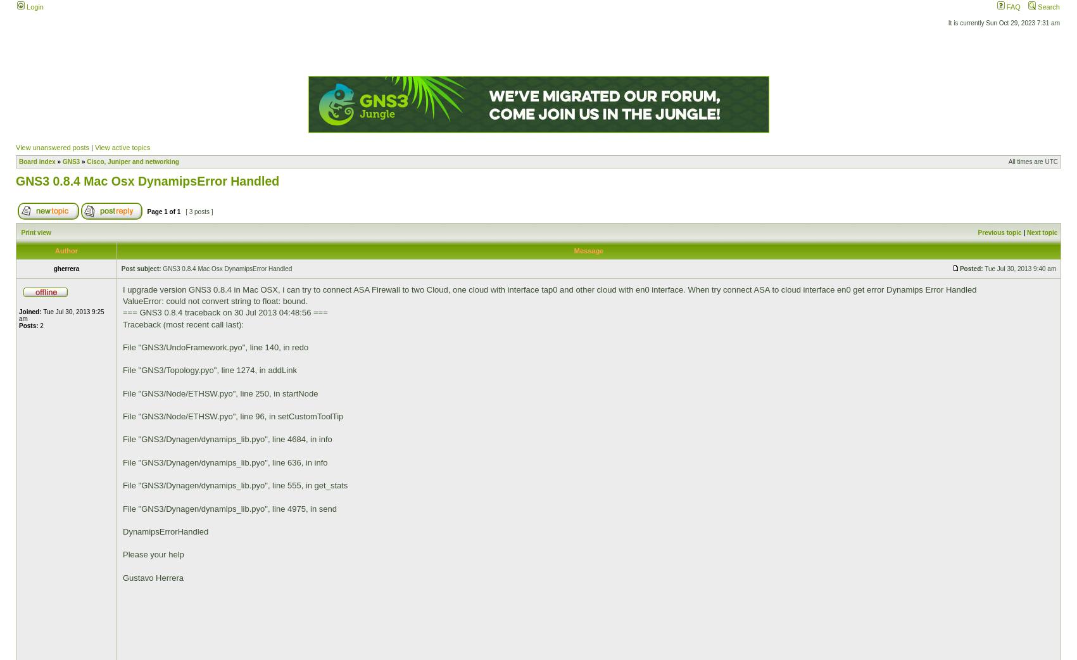 This screenshot has height=660, width=1077. I want to click on 'Posts:', so click(28, 326).